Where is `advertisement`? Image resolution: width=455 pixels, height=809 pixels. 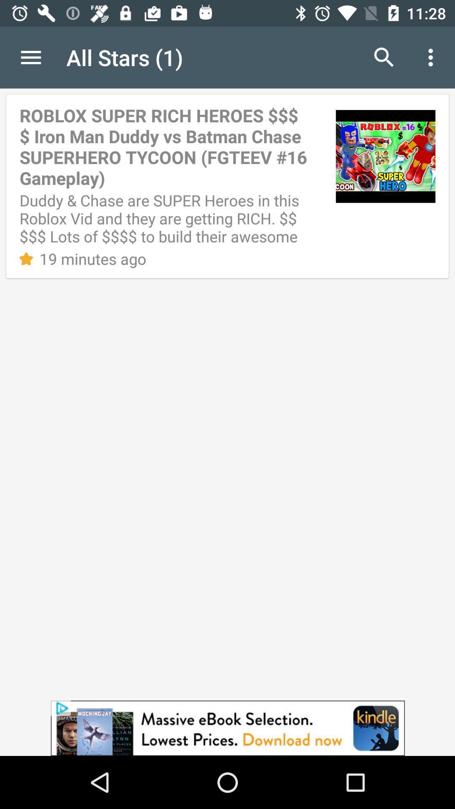
advertisement is located at coordinates (227, 728).